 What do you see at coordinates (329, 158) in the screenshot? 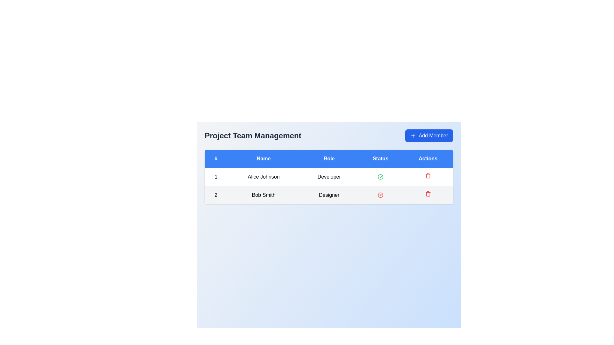
I see `the Text Label that serves as a header for the roles column in the Project Team Management table, located between the 'Name' and 'Status' headers` at bounding box center [329, 158].